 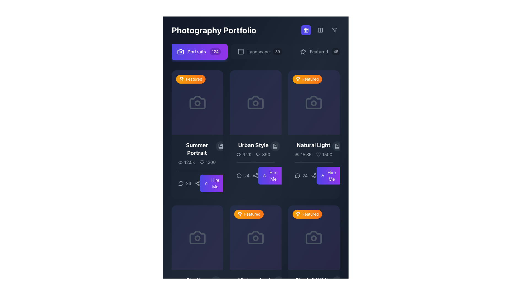 What do you see at coordinates (320, 52) in the screenshot?
I see `the 'Featured' button located in the top section of the horizontal navigation bar, which is the third item from the left and follows the 'Landscape' section` at bounding box center [320, 52].